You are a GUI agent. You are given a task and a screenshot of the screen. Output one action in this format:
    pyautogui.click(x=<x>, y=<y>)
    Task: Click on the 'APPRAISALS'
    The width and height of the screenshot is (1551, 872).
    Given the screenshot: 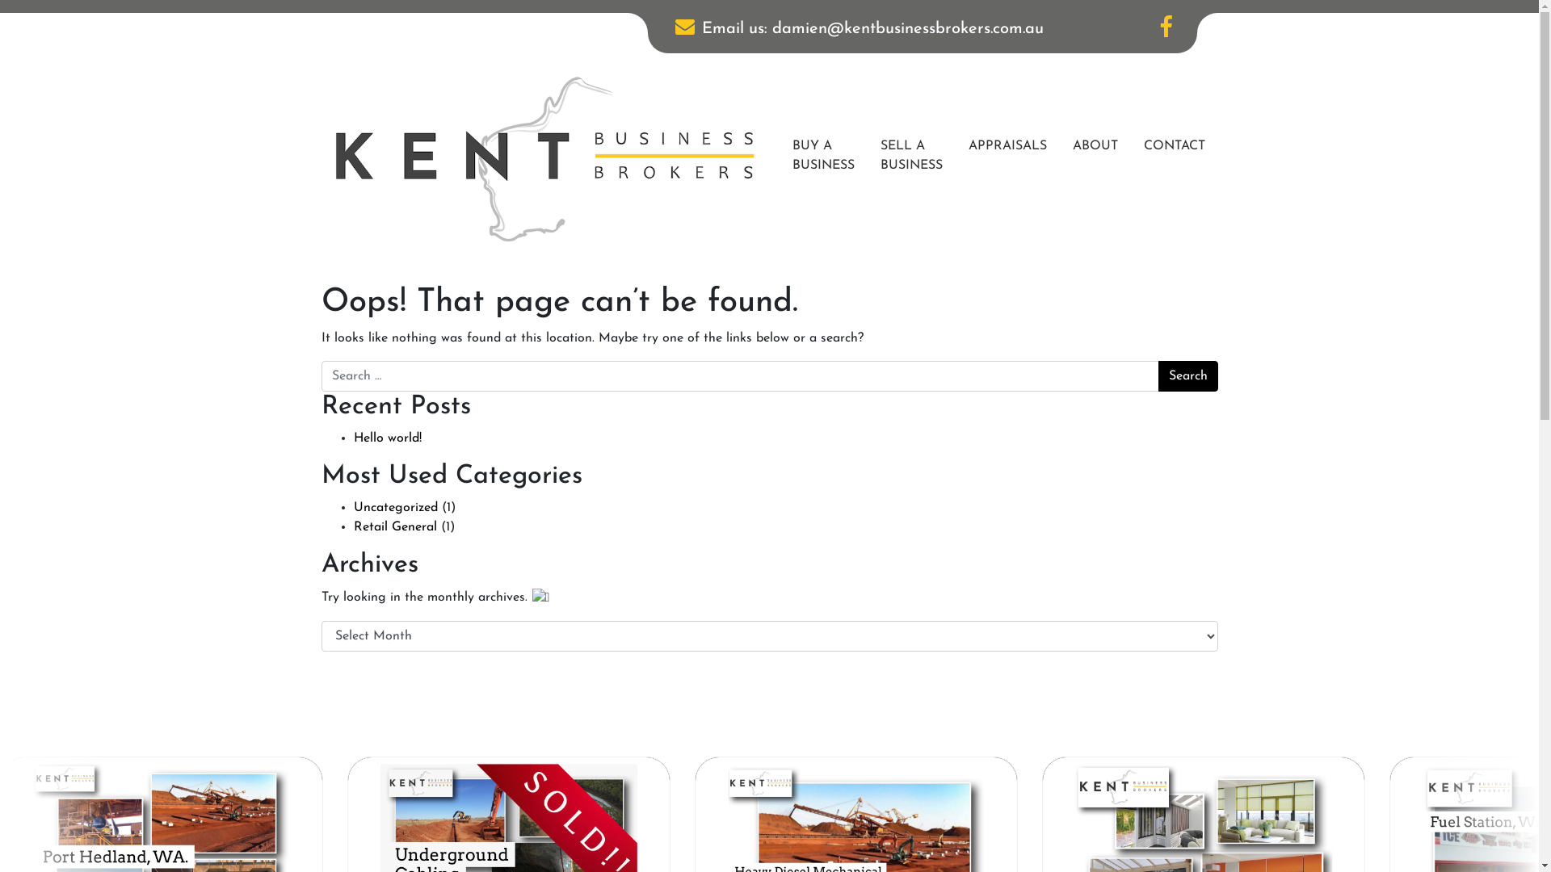 What is the action you would take?
    pyautogui.click(x=954, y=146)
    